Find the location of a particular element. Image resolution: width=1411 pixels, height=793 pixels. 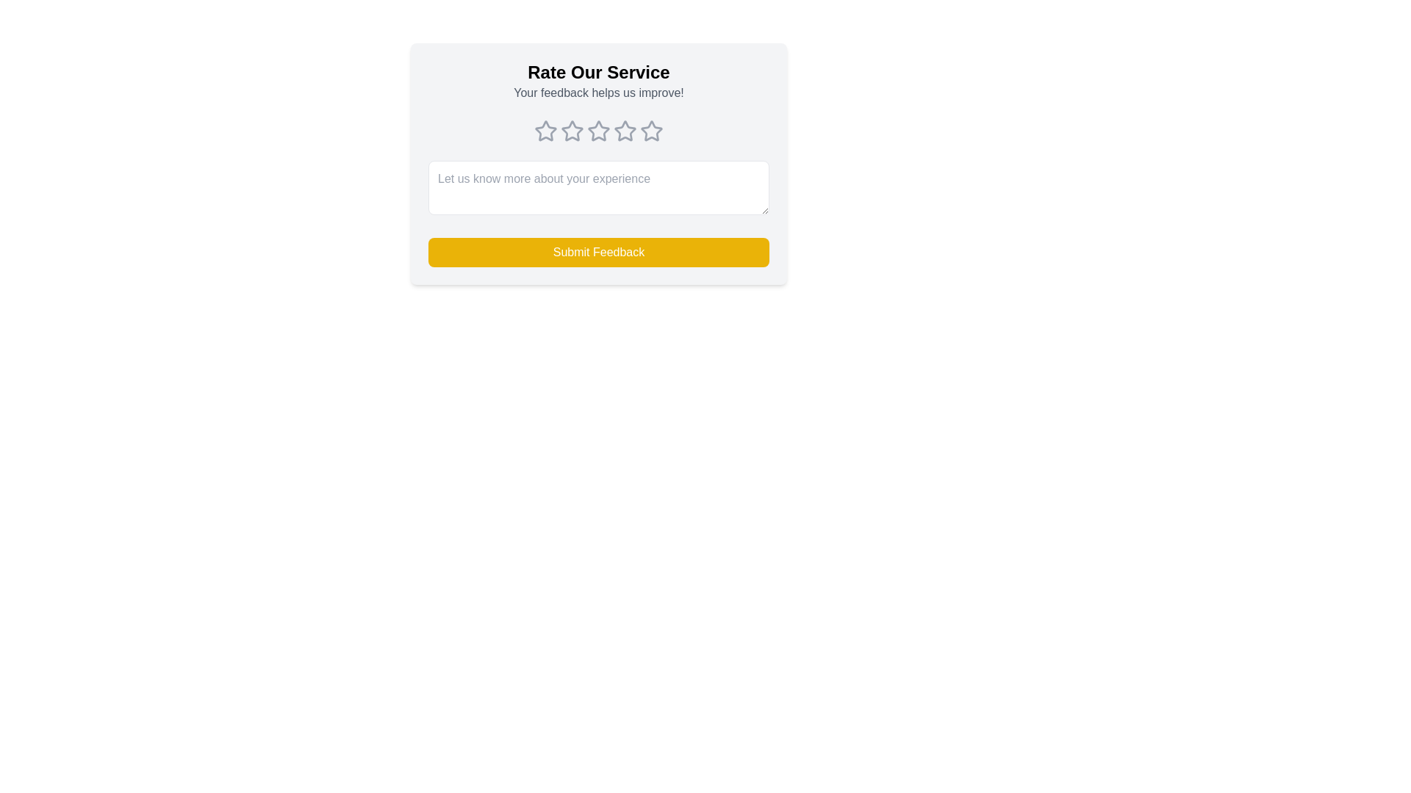

the star rating widget located beneath the 'Rate Our Service' heading is located at coordinates (599, 130).